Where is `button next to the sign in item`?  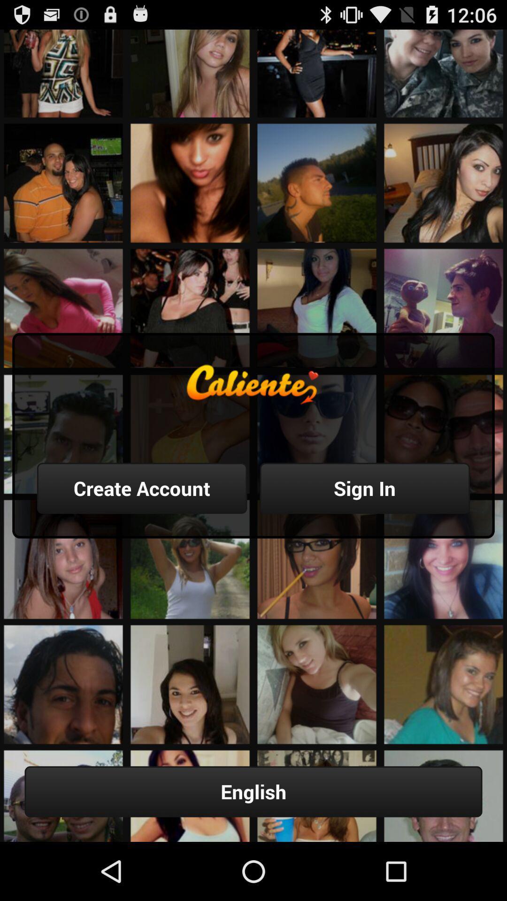
button next to the sign in item is located at coordinates (142, 488).